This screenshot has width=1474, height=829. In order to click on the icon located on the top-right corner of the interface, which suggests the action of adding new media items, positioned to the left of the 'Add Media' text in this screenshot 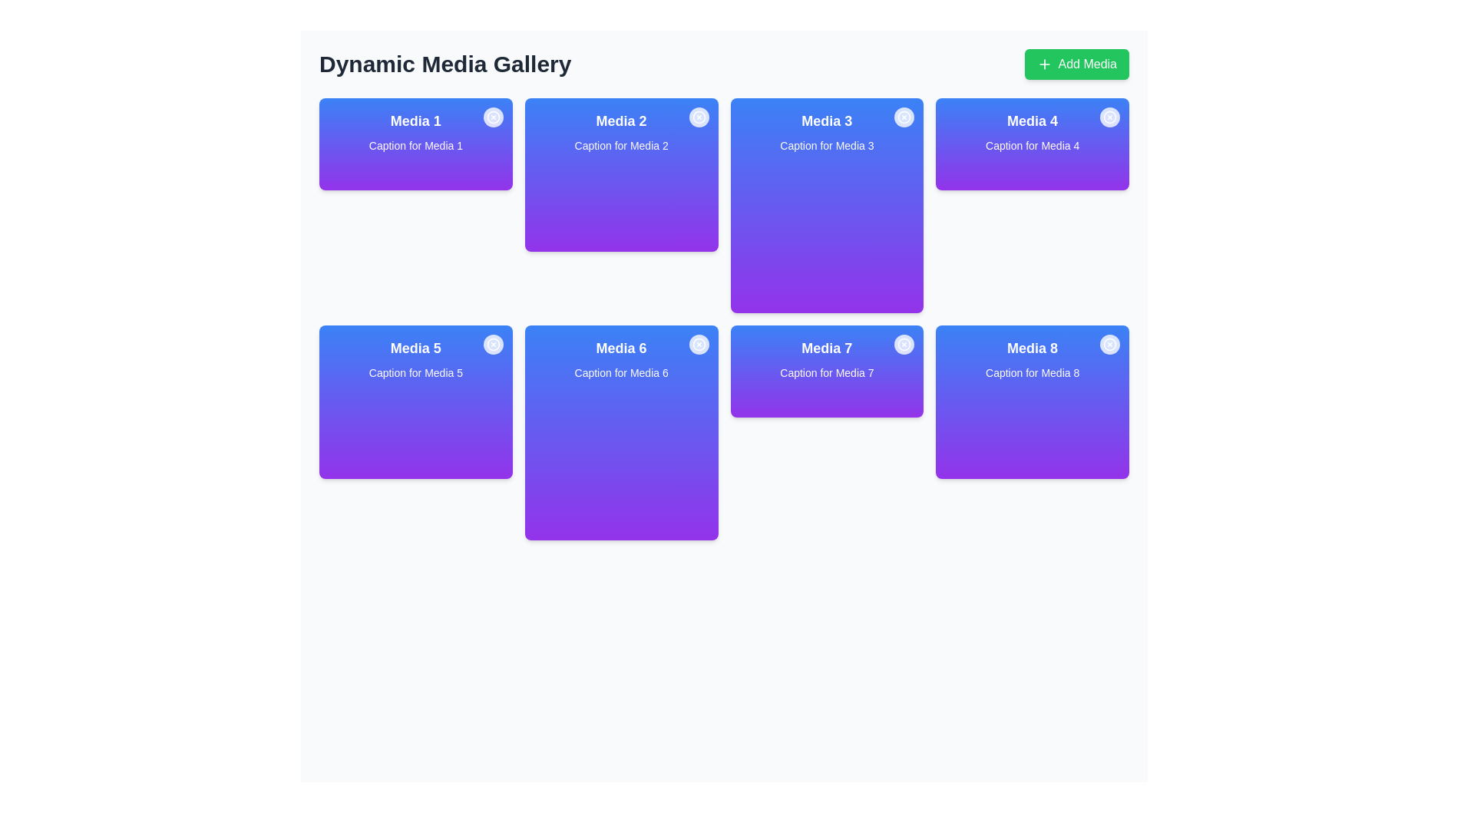, I will do `click(1044, 64)`.